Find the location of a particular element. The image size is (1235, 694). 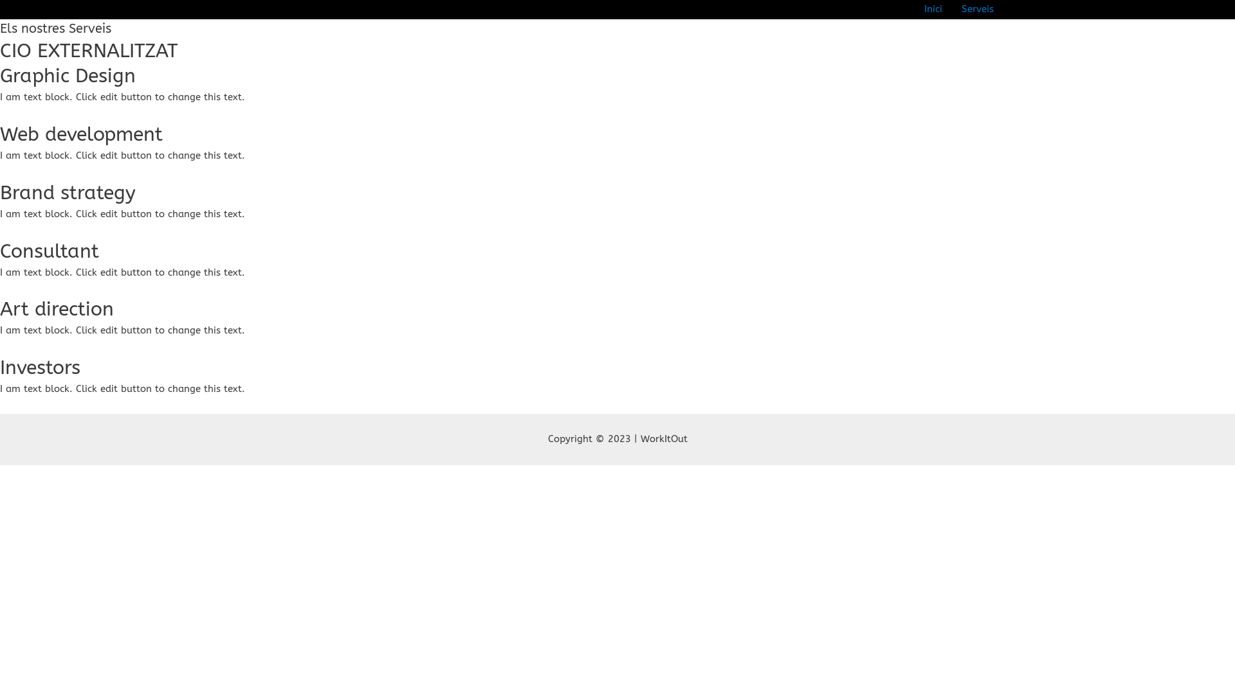

'Serveis' is located at coordinates (978, 10).